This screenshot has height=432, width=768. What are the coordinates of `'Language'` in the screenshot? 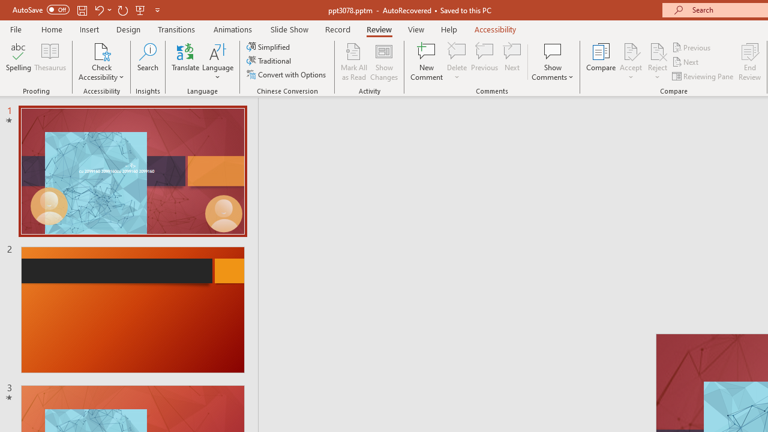 It's located at (218, 62).